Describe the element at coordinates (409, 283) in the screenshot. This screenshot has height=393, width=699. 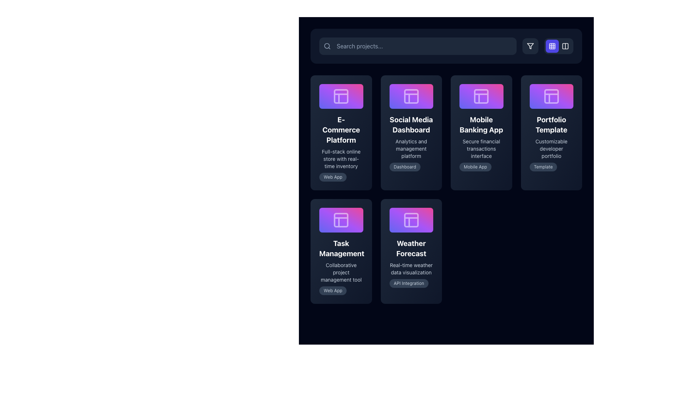
I see `the tag associated with the 'Weather Forecast' card` at that location.